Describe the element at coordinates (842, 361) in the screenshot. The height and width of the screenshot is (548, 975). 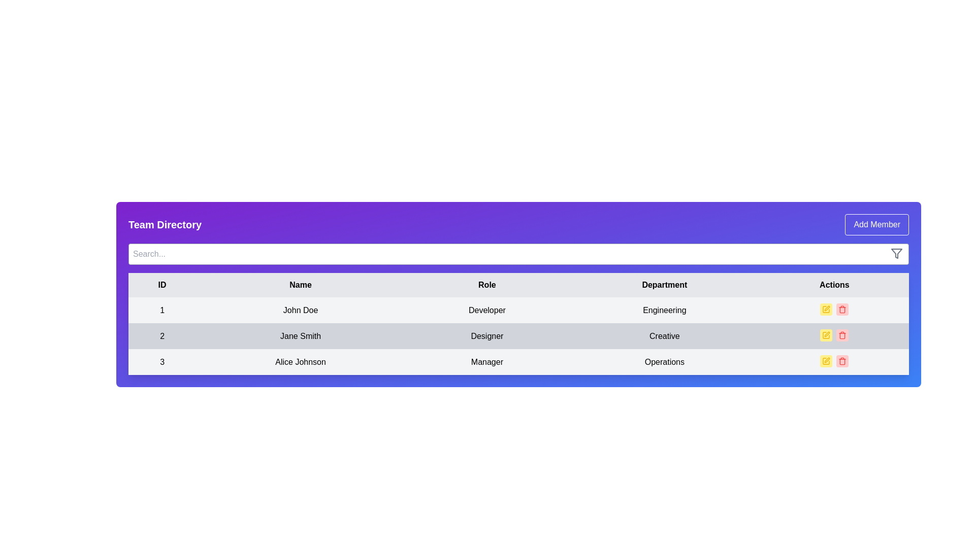
I see `the trash can icon located in the 'Actions' column of the 'Operations' row` at that location.